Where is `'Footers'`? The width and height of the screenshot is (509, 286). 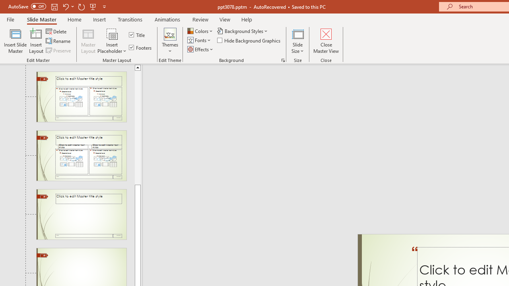 'Footers' is located at coordinates (141, 47).